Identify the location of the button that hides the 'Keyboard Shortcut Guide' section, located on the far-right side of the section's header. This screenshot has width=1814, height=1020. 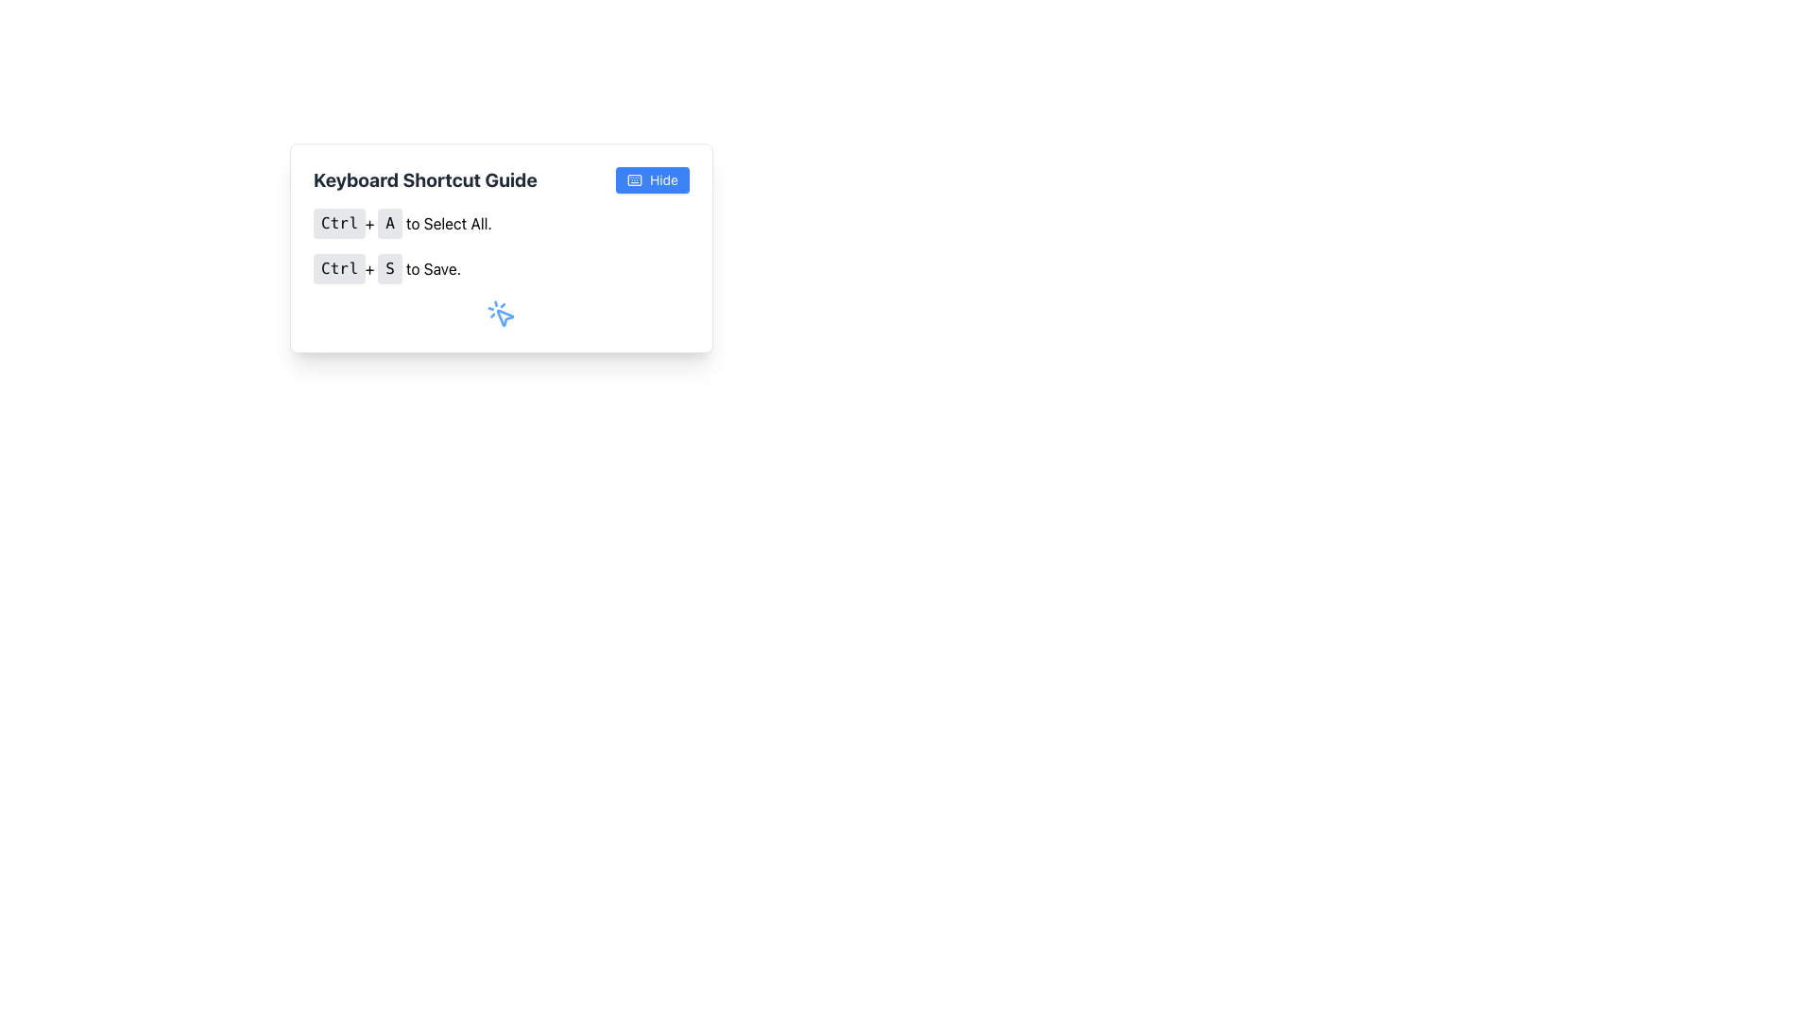
(653, 180).